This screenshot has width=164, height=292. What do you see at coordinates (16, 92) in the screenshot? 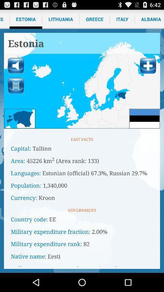
I see `the date_range icon` at bounding box center [16, 92].